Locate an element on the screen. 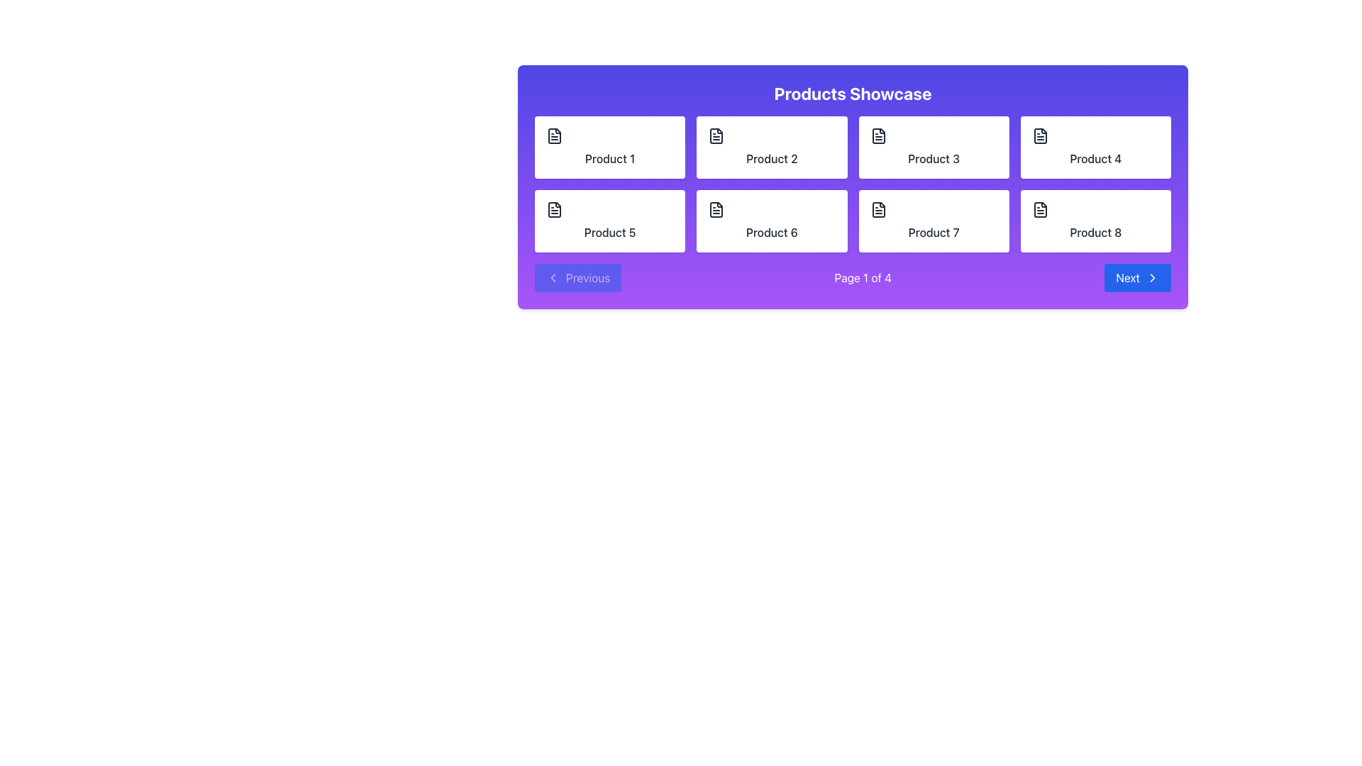  properties of the SVG-based icon representing the document for the 'Product 3' card, which is located at the top part of the card, horizontally centered above the text label is located at coordinates (877, 136).